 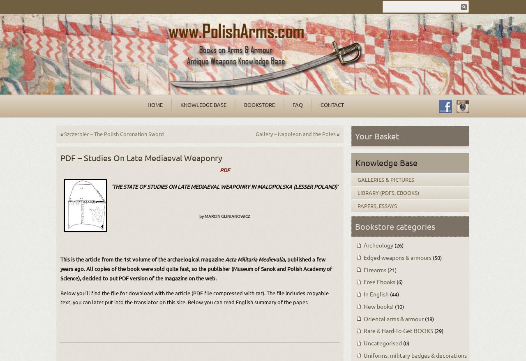 What do you see at coordinates (362, 282) in the screenshot?
I see `'Free Ebooks'` at bounding box center [362, 282].